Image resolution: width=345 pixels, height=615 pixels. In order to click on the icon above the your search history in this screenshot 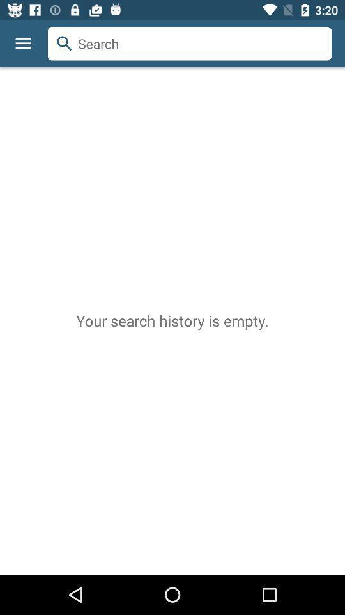, I will do `click(23, 44)`.